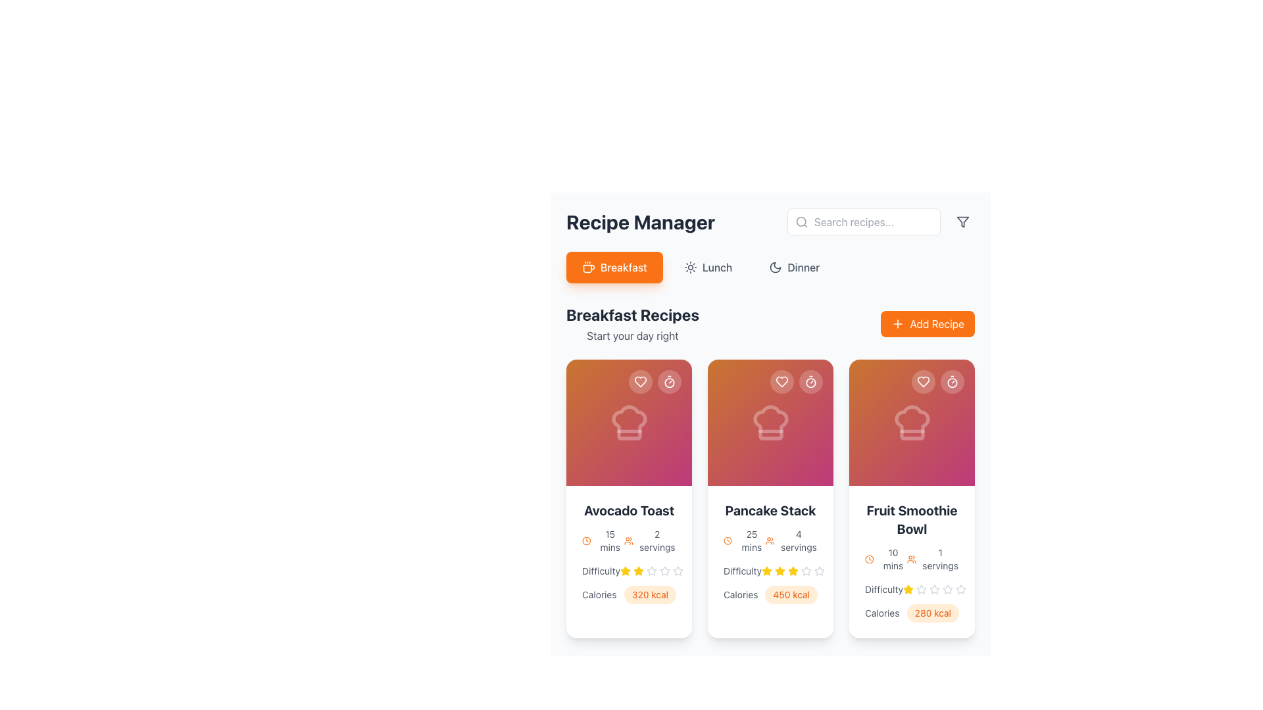  Describe the element at coordinates (727, 540) in the screenshot. I see `the orange clock icon located in the second recipe card under 'Breakfast Recipes', positioned to the left of the text '25 mins'` at that location.